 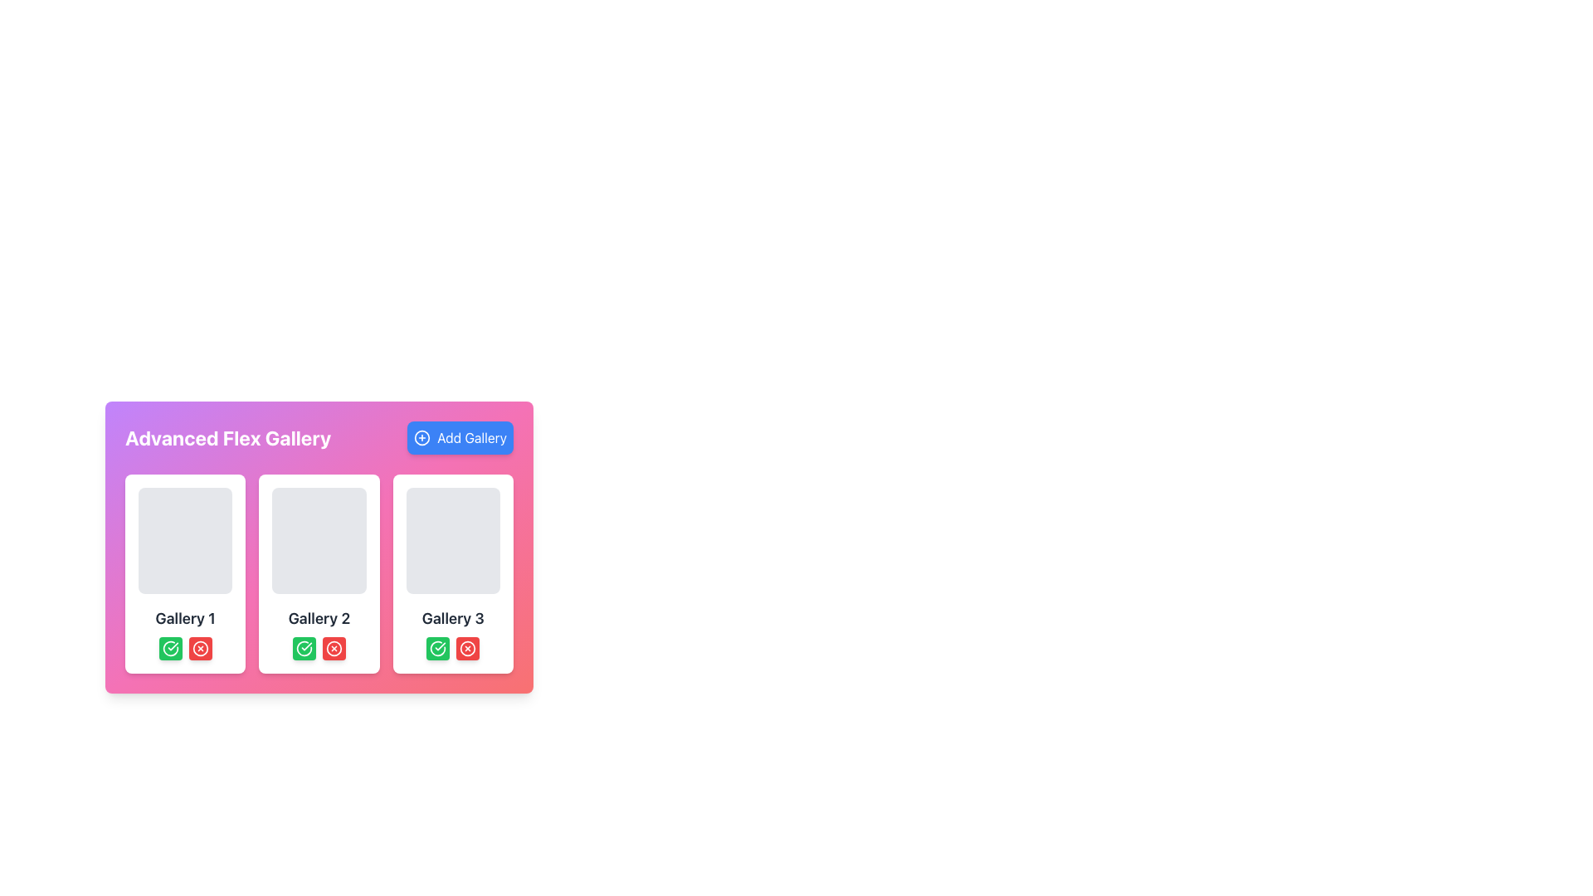 What do you see at coordinates (453, 618) in the screenshot?
I see `the text label in the lower central part of the rightmost card, which indicates the name or category of the gallery it represents` at bounding box center [453, 618].